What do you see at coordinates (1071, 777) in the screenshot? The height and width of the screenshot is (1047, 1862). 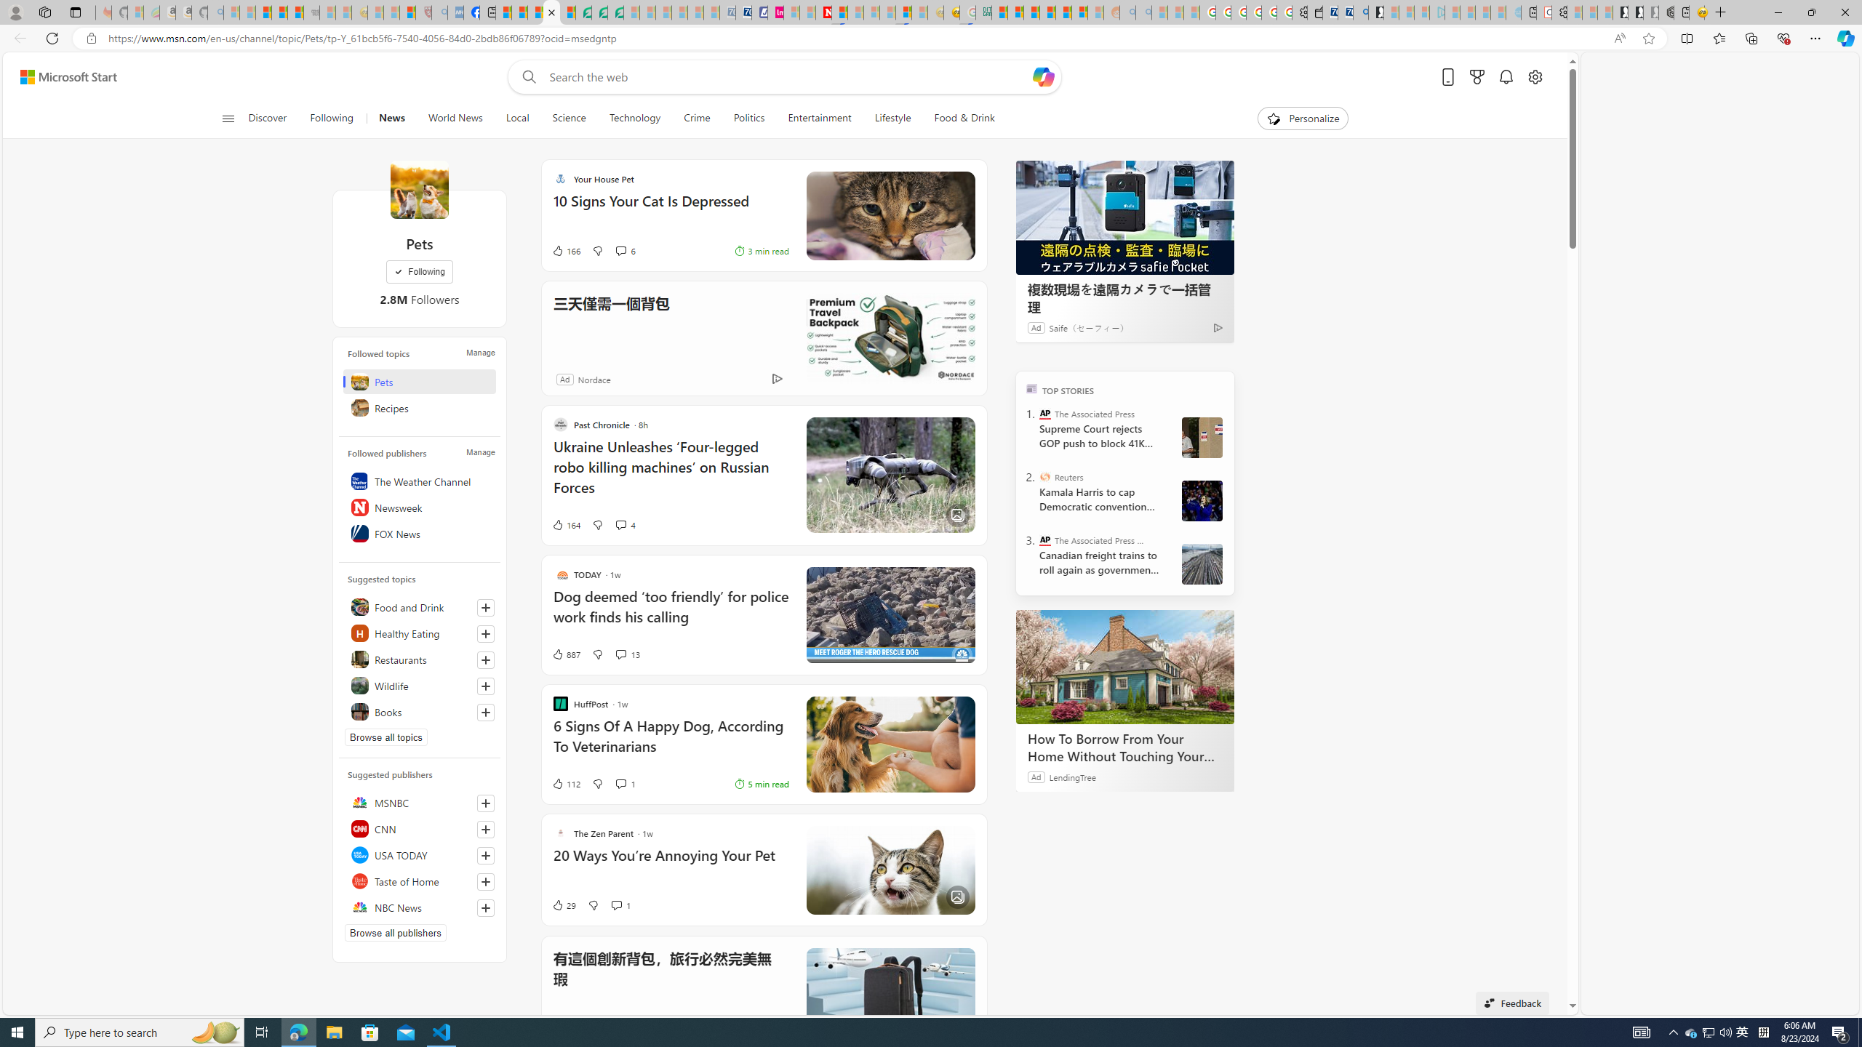 I see `'LendingTree'` at bounding box center [1071, 777].